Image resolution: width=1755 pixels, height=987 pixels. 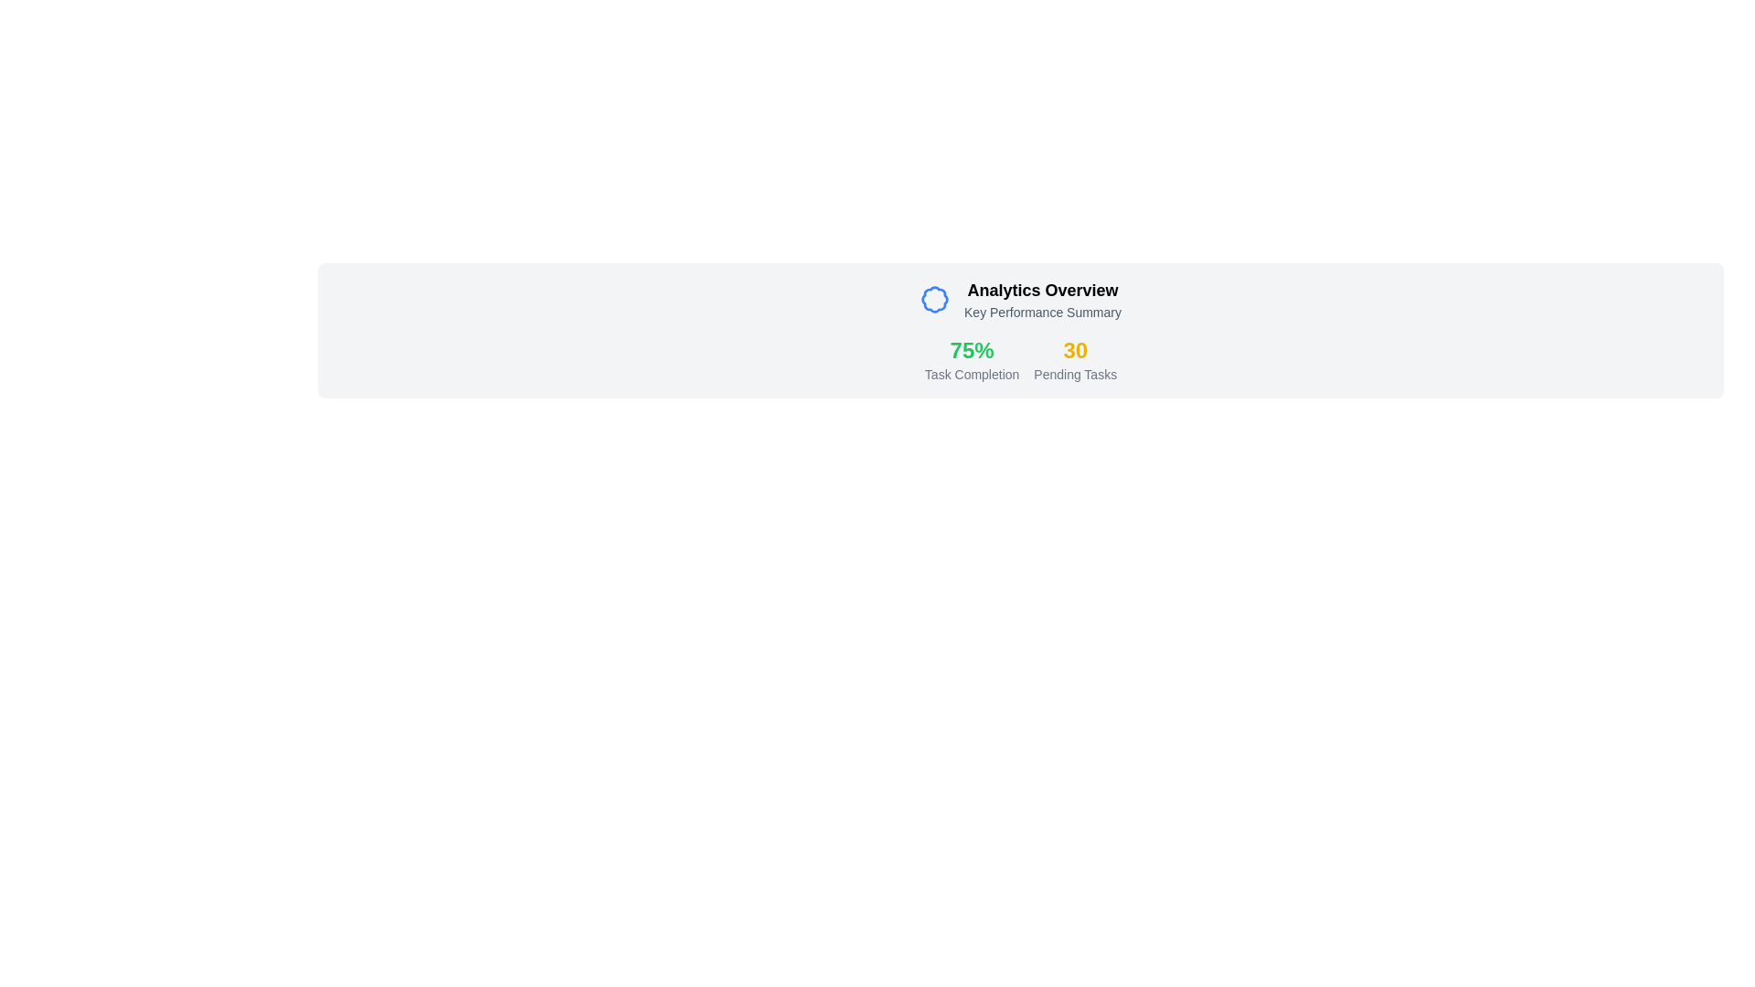 What do you see at coordinates (934, 298) in the screenshot?
I see `the blue decorative vector graphic badge icon, which features a circular design with a wavy edge and a central hollow circle, located to the left of the 'Analytics Overview' text` at bounding box center [934, 298].